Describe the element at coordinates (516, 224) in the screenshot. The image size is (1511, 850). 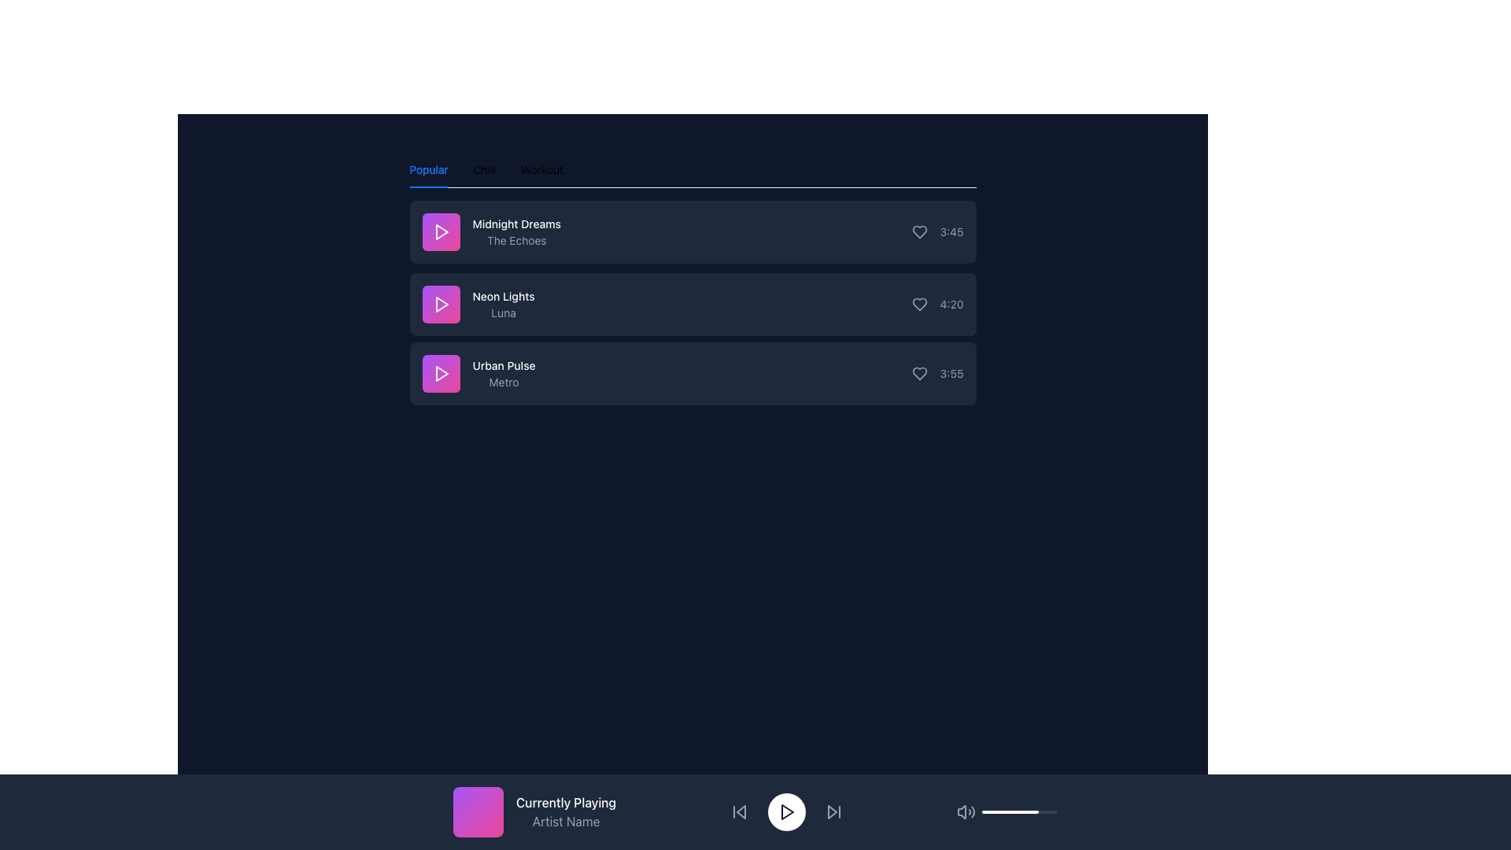
I see `text 'Midnight Dreams' from the main title of the first list item under the 'Popular' tab` at that location.